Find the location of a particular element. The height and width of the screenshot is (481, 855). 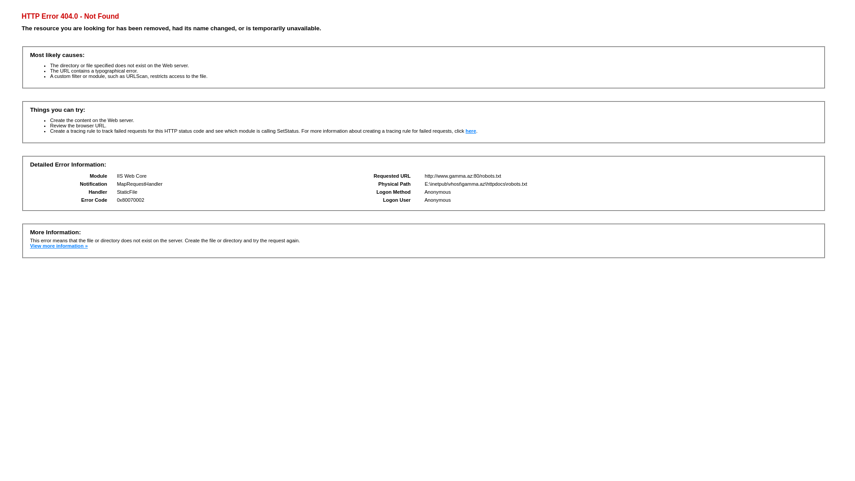

'here' is located at coordinates (470, 130).